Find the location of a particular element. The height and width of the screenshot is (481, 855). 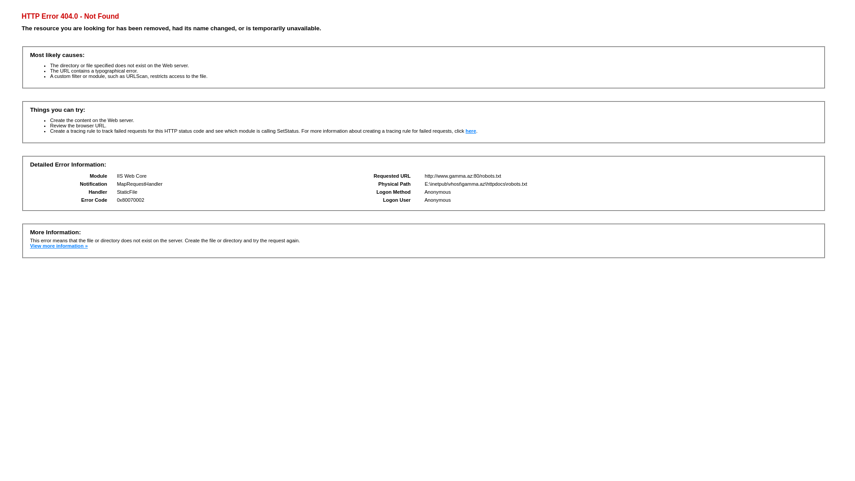

'here' is located at coordinates (470, 130).